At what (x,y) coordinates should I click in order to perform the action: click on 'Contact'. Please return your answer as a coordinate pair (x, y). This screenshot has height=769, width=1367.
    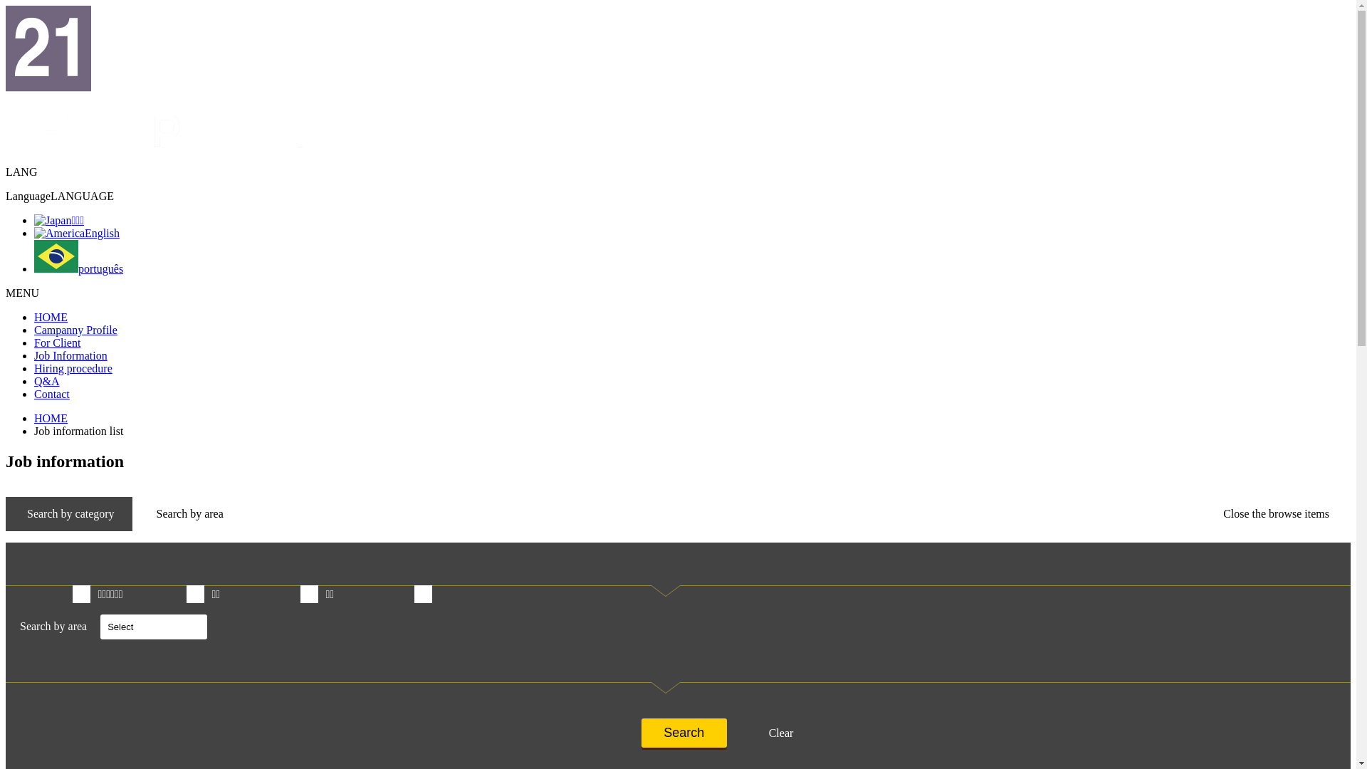
    Looking at the image, I should click on (34, 394).